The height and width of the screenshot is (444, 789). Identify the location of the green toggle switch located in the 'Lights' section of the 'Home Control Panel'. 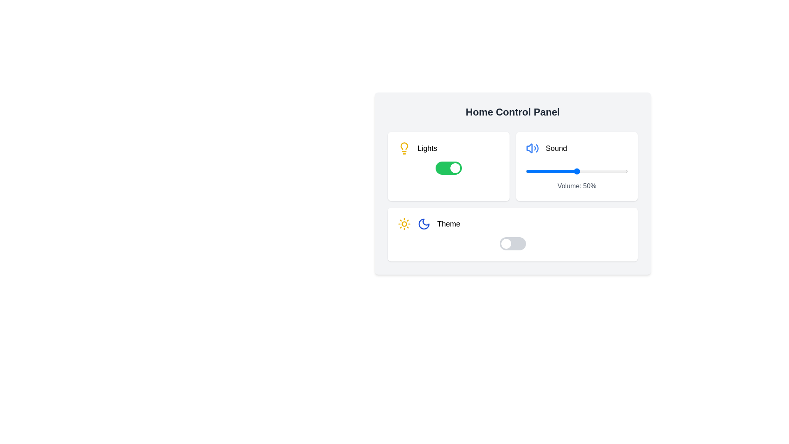
(448, 167).